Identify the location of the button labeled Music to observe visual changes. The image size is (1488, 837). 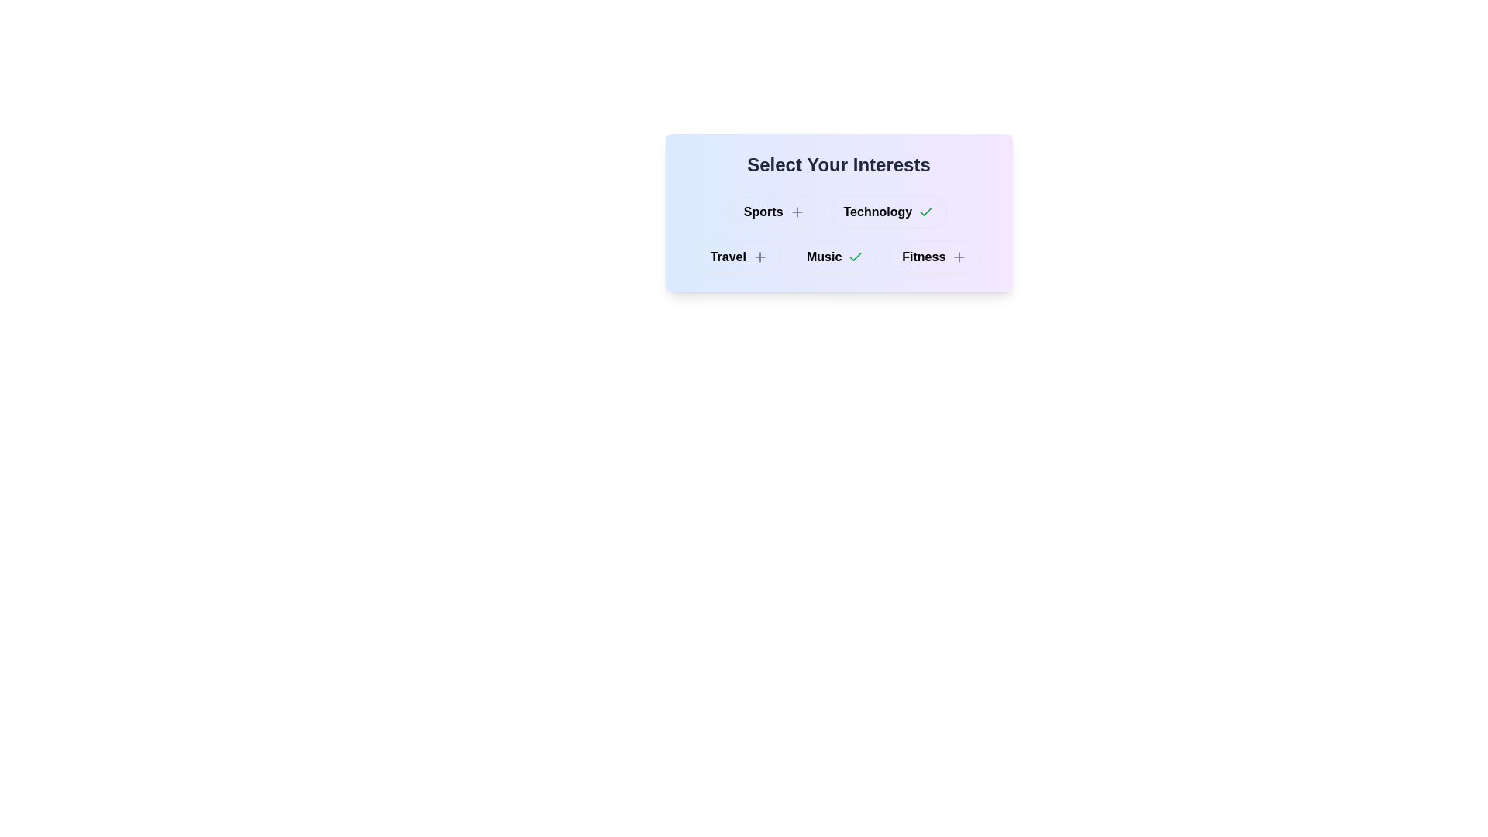
(835, 256).